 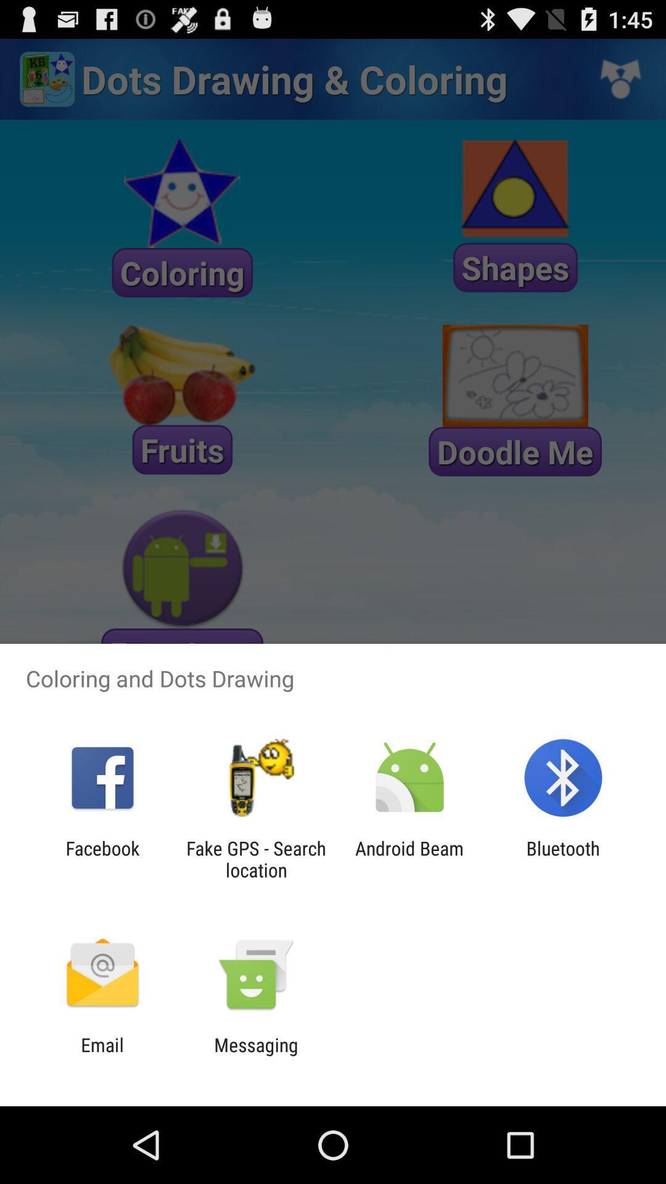 What do you see at coordinates (409, 858) in the screenshot?
I see `the item next to the bluetooth icon` at bounding box center [409, 858].